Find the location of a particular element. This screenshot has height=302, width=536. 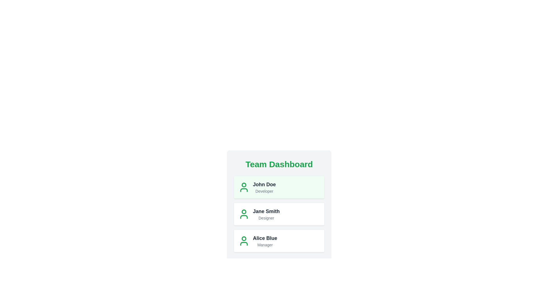

the user silhouette icon, which is a minimalistic green line representation located to the left of the text 'Jane Smith' is located at coordinates (244, 214).